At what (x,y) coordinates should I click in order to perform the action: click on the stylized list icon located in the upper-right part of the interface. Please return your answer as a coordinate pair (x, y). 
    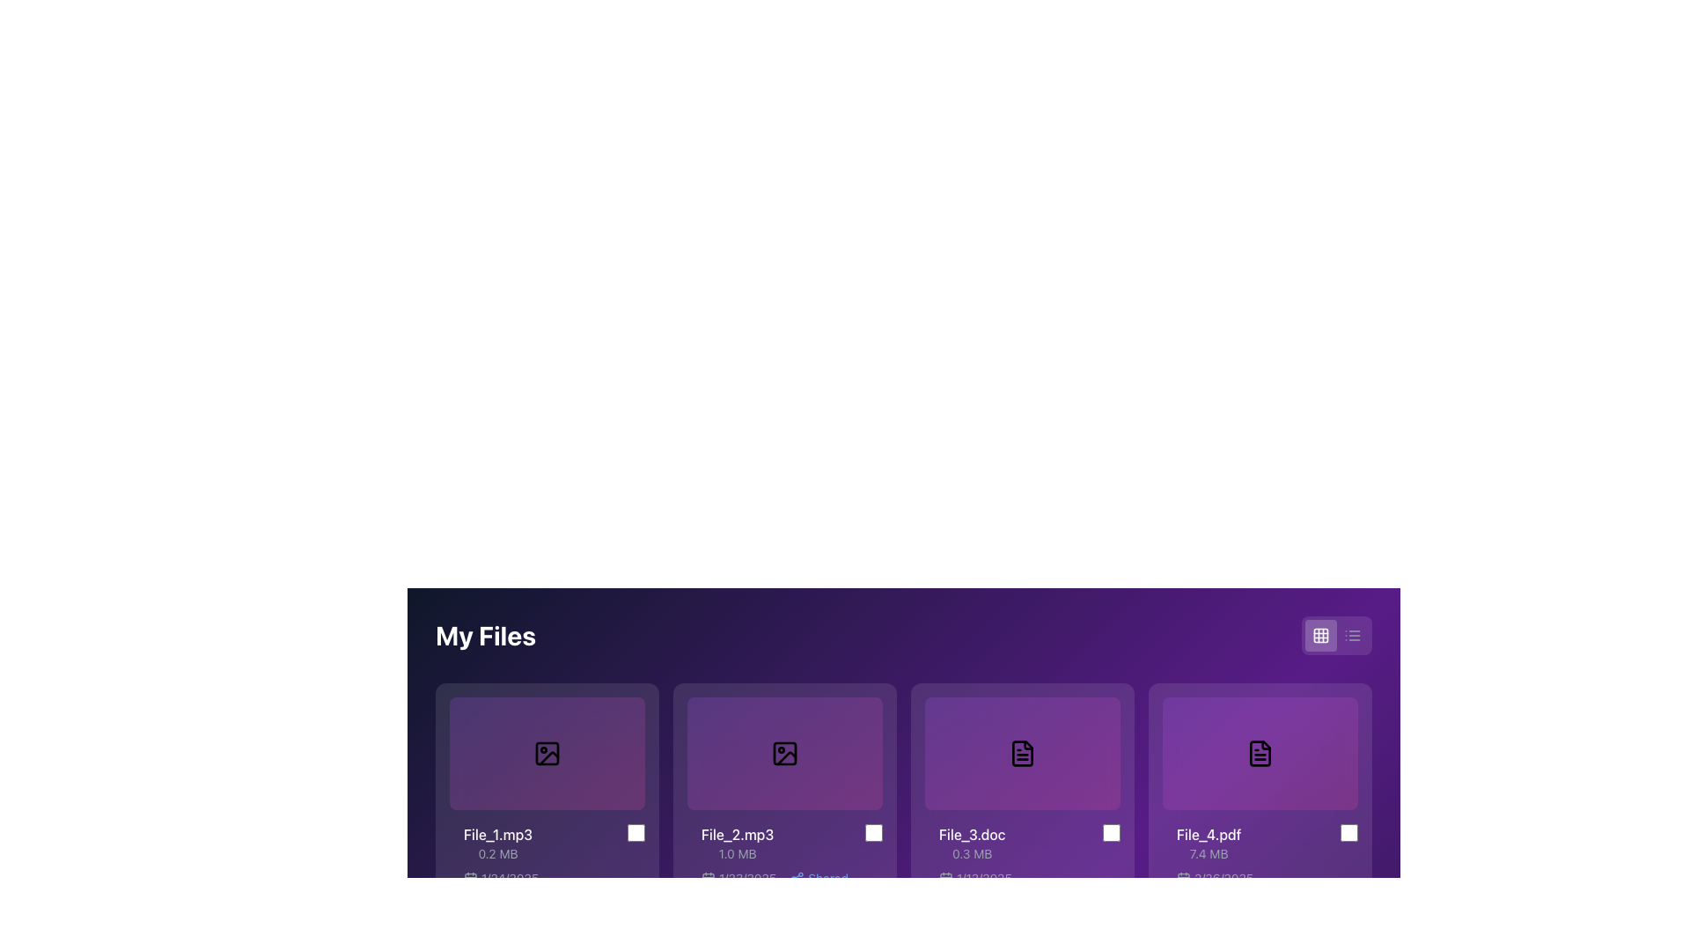
    Looking at the image, I should click on (1351, 635).